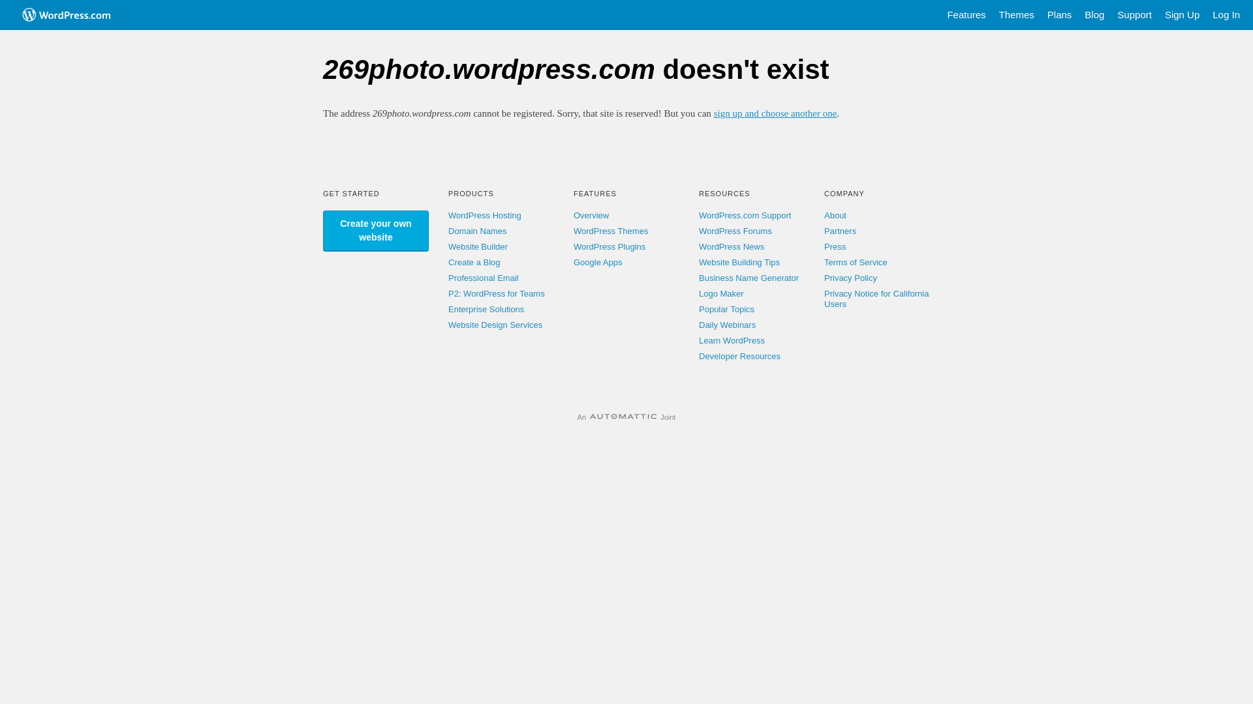 This screenshot has height=704, width=1253. What do you see at coordinates (1059, 15) in the screenshot?
I see `'Plans'` at bounding box center [1059, 15].